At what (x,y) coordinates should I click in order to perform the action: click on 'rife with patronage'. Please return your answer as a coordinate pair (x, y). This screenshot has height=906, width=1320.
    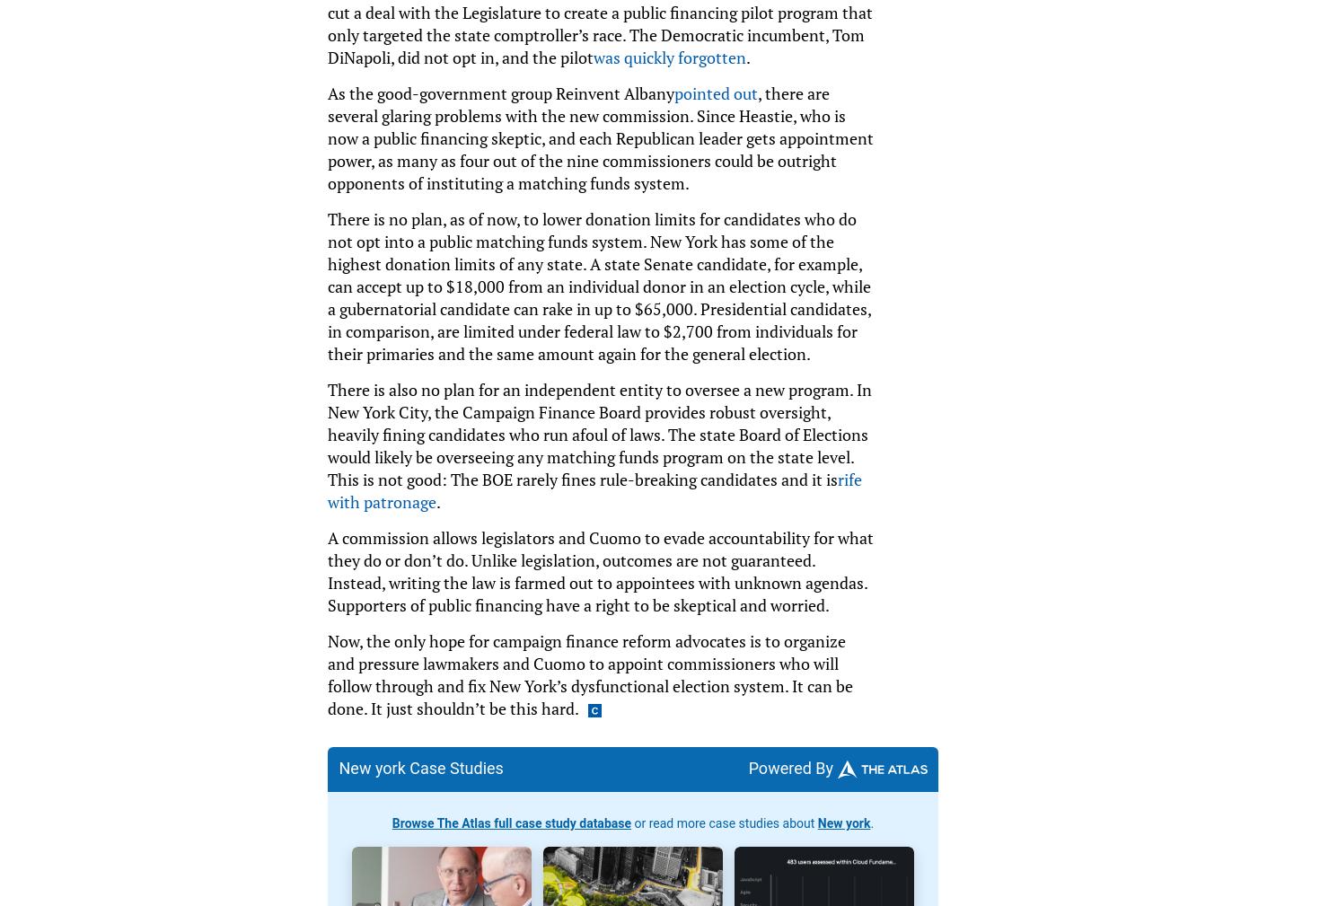
    Looking at the image, I should click on (327, 489).